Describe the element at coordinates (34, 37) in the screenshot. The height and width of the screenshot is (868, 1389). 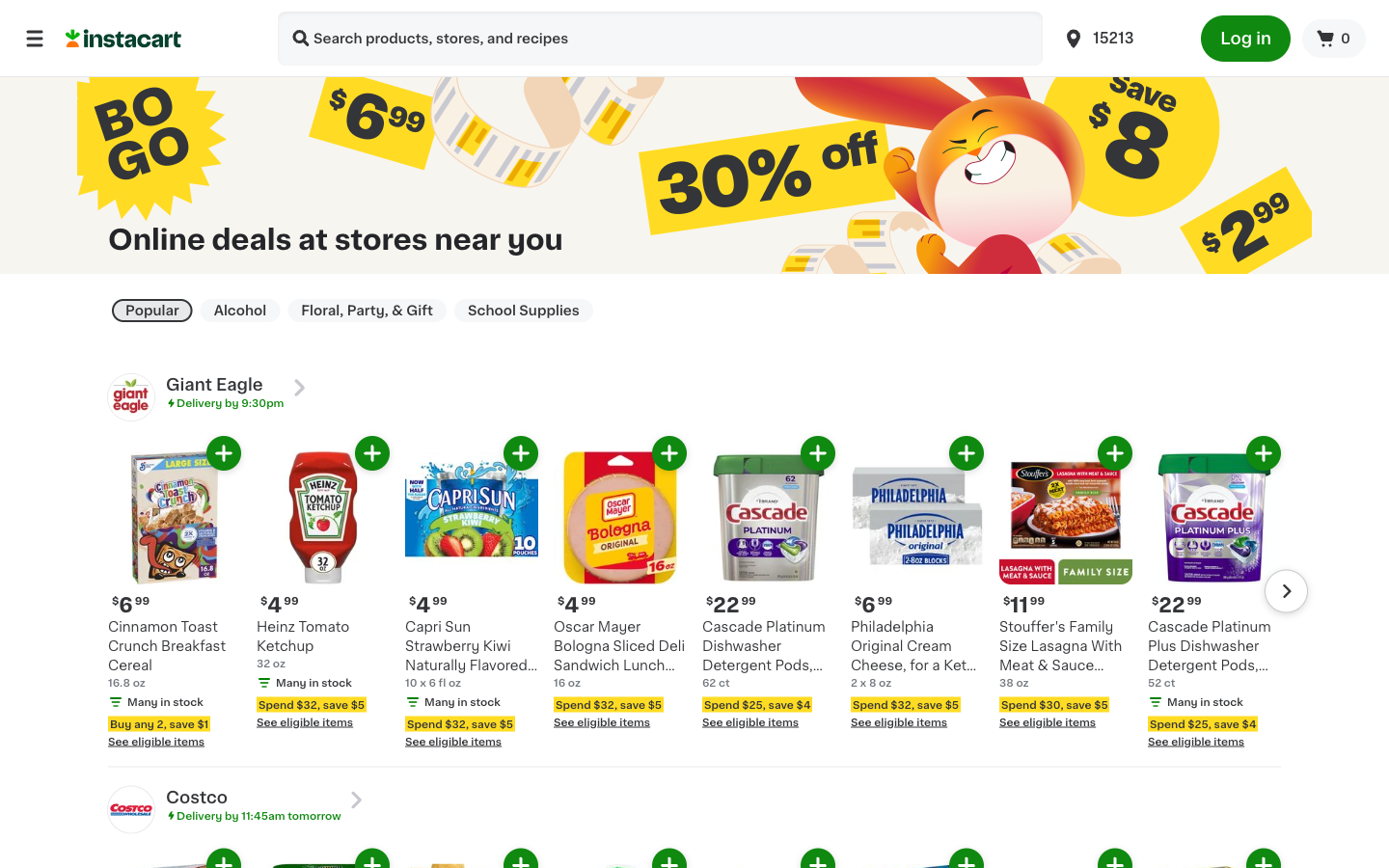
I see `Visit the Main Menu Page` at that location.